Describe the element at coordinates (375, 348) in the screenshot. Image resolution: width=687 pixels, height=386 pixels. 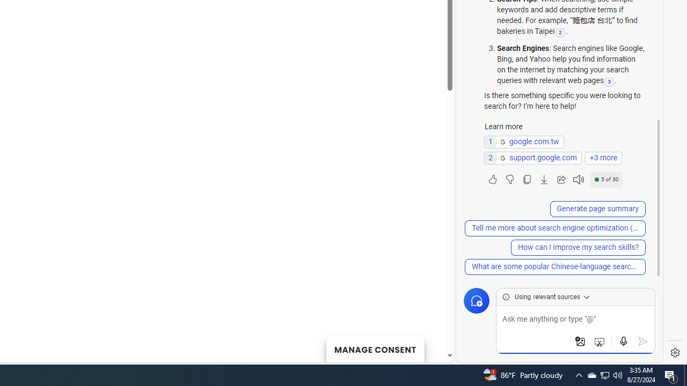
I see `'MANAGE CONSENT'` at that location.